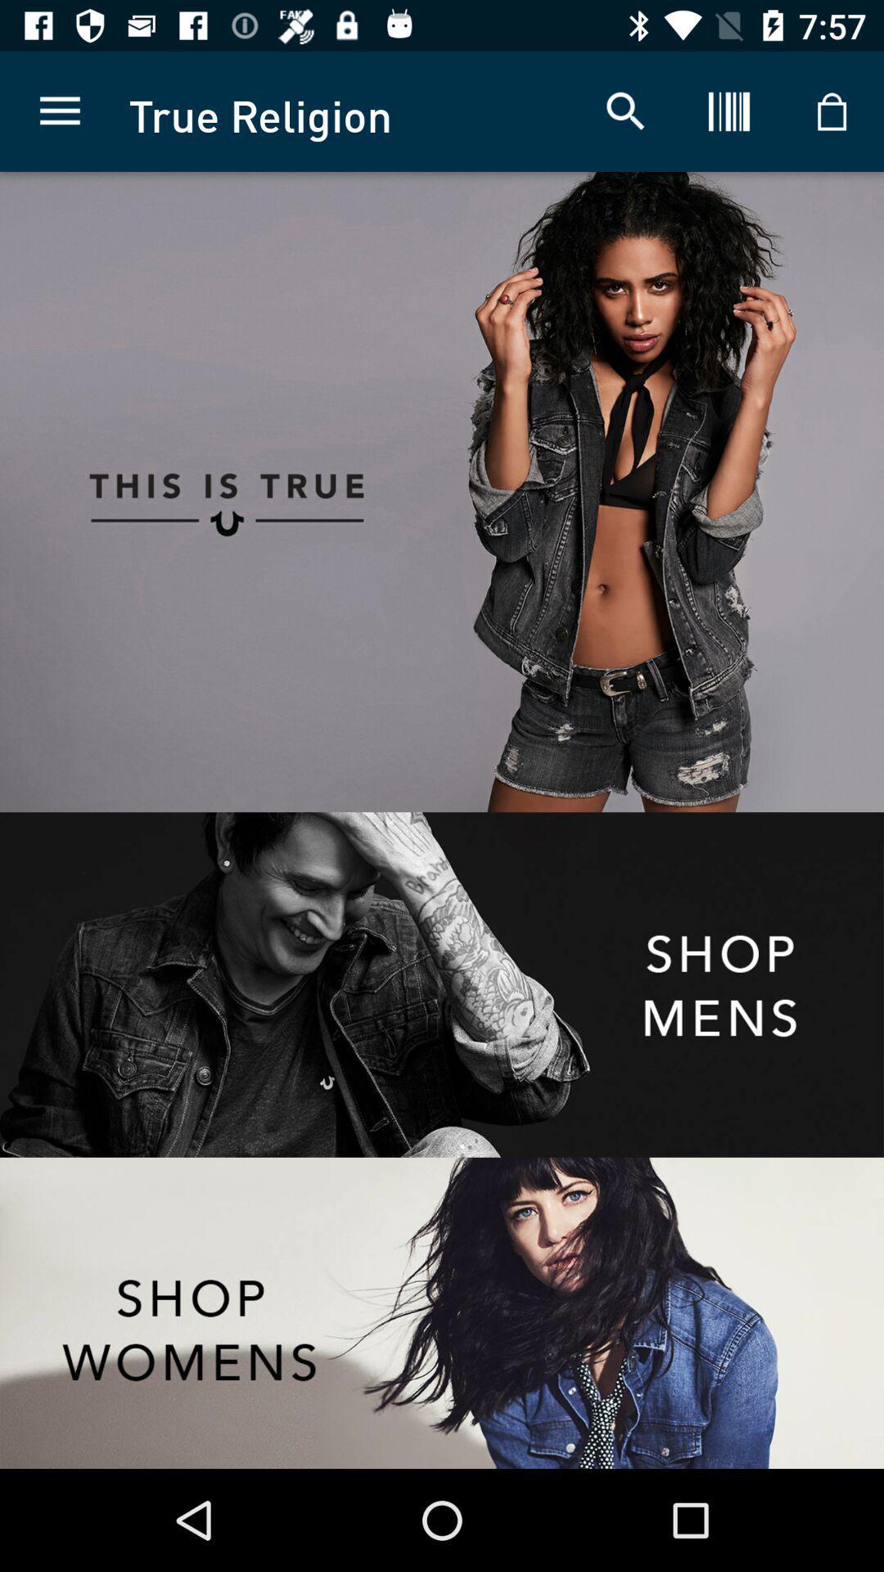  What do you see at coordinates (663, 491) in the screenshot?
I see `picture` at bounding box center [663, 491].